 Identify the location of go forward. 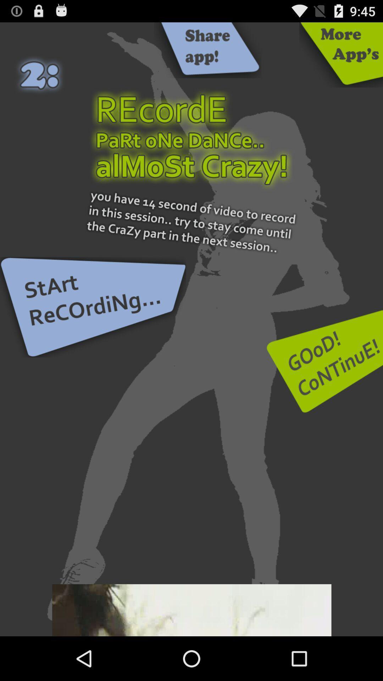
(324, 361).